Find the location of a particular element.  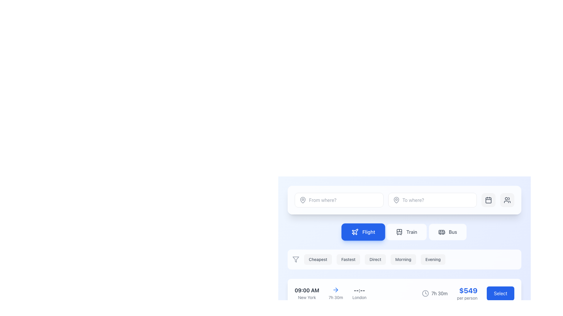

the centrally positioned button is located at coordinates (404, 234).